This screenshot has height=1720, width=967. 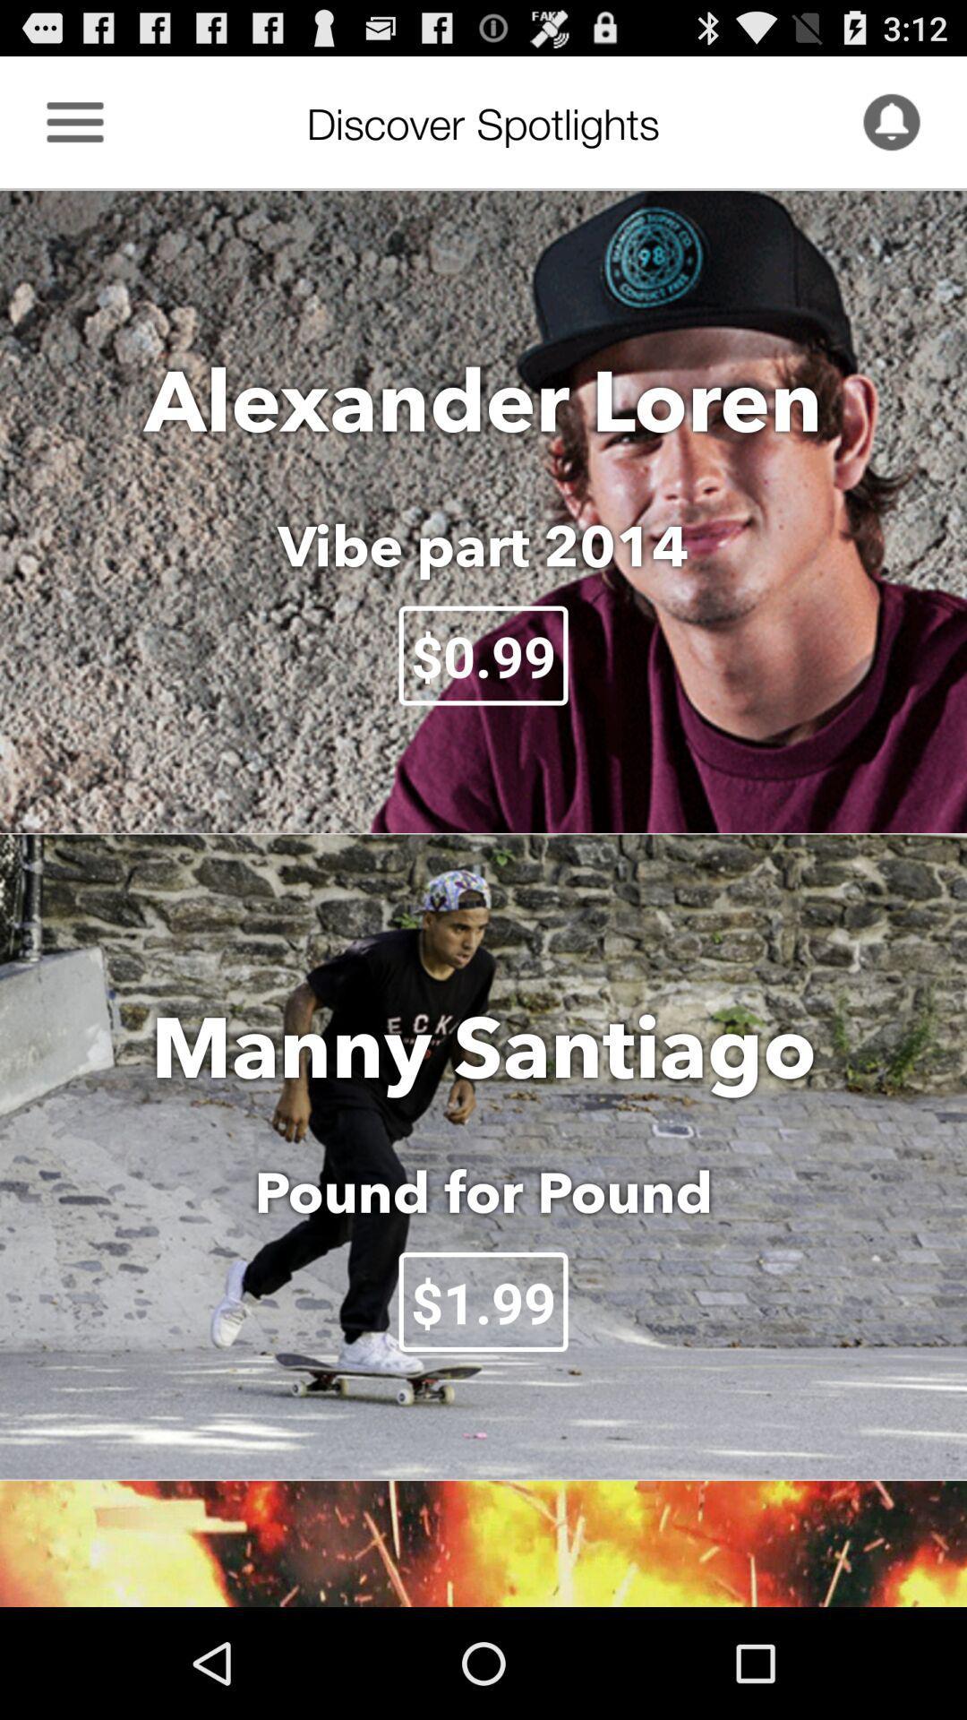 I want to click on manny santiago item, so click(x=483, y=1046).